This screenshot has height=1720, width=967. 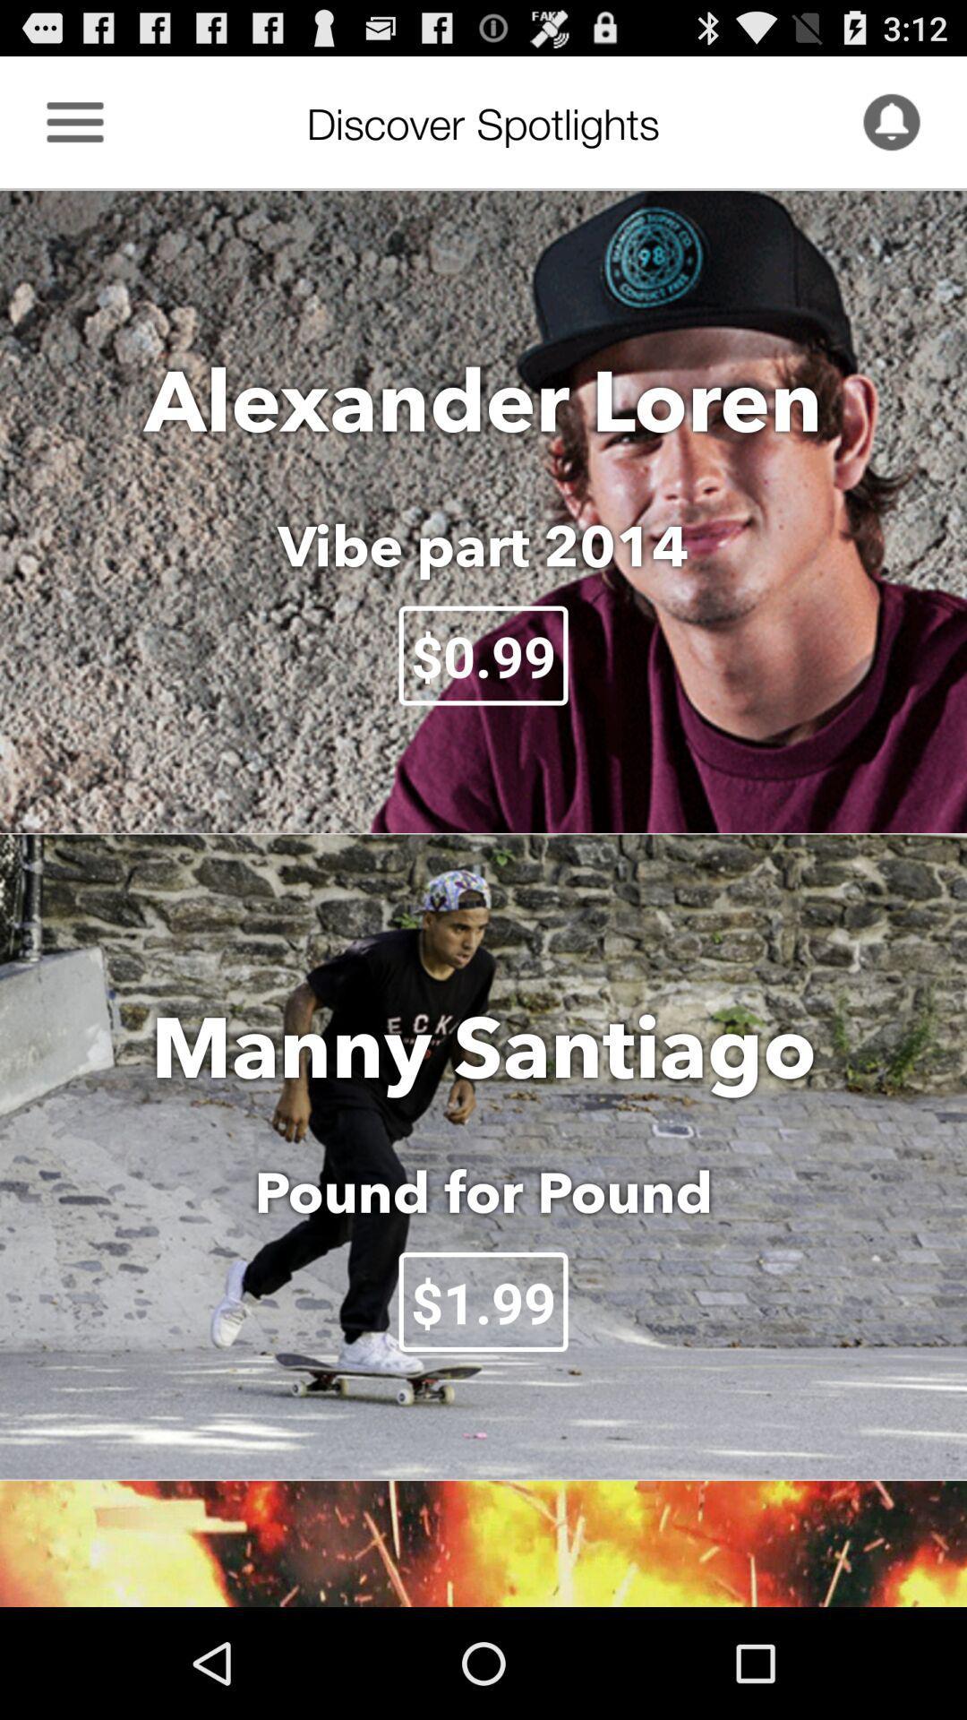 I want to click on manny santiago item, so click(x=483, y=1046).